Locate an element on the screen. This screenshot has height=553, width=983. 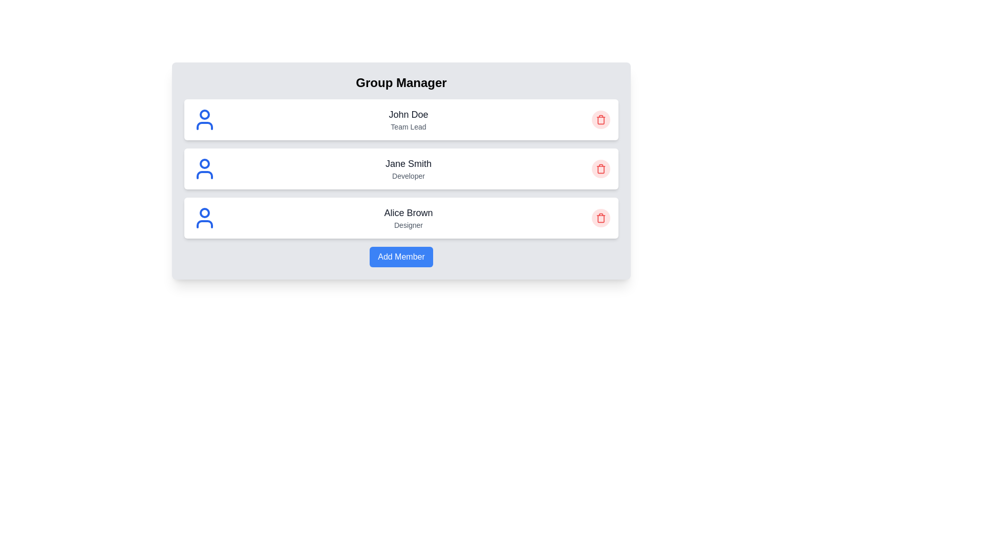
the text label displaying 'Jane Smith' and 'Developer' located in the second card under the 'Group Manager' section is located at coordinates (408, 168).